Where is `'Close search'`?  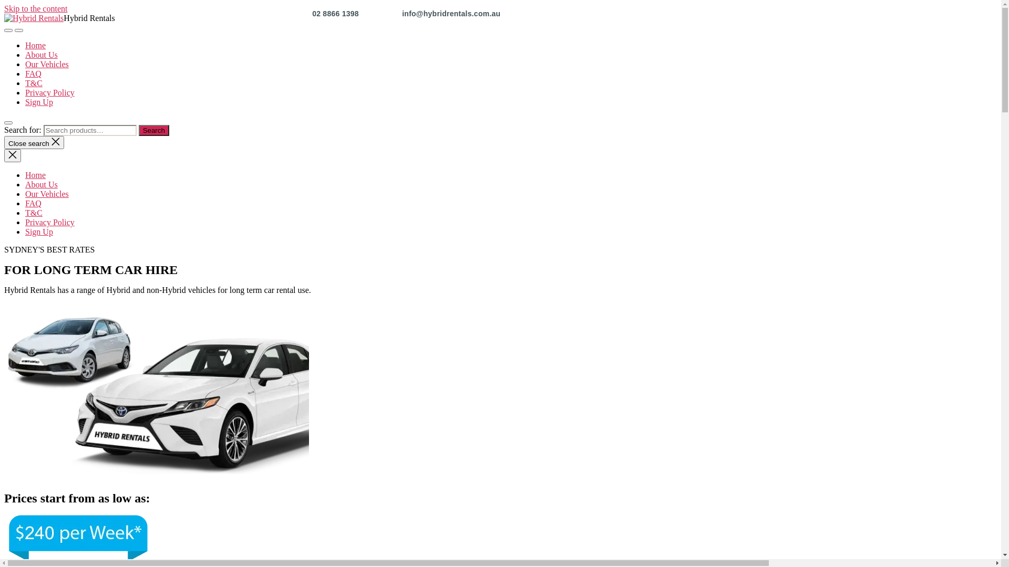
'Close search' is located at coordinates (4, 142).